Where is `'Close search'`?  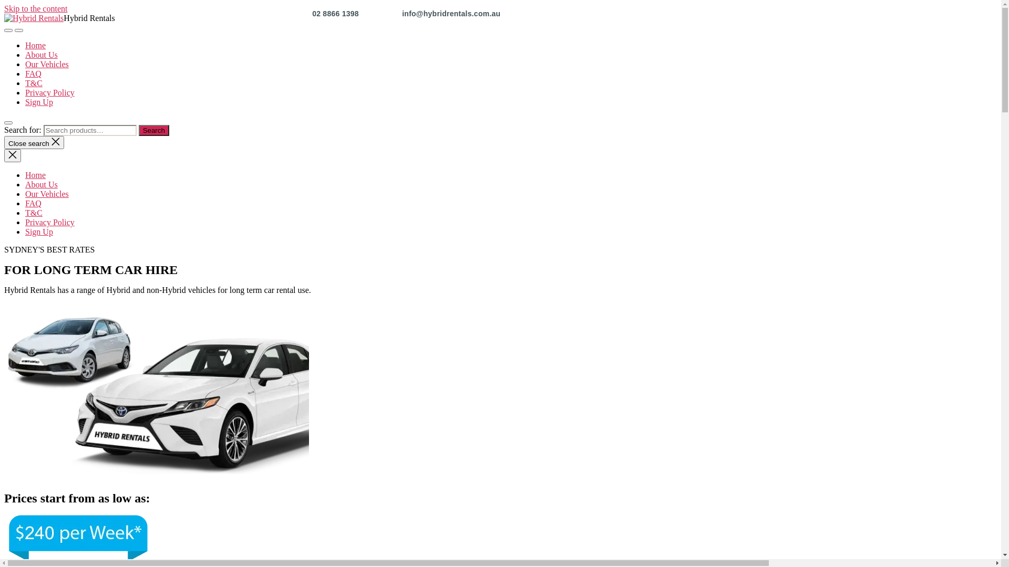
'Close search' is located at coordinates (4, 142).